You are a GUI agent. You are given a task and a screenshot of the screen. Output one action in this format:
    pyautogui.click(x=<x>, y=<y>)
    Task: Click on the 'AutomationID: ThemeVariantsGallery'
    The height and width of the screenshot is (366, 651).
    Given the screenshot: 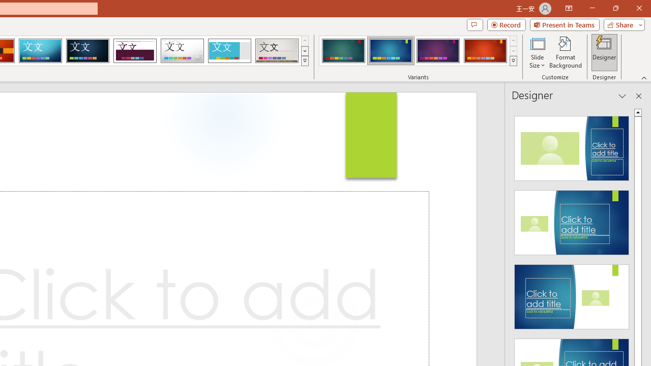 What is the action you would take?
    pyautogui.click(x=419, y=51)
    